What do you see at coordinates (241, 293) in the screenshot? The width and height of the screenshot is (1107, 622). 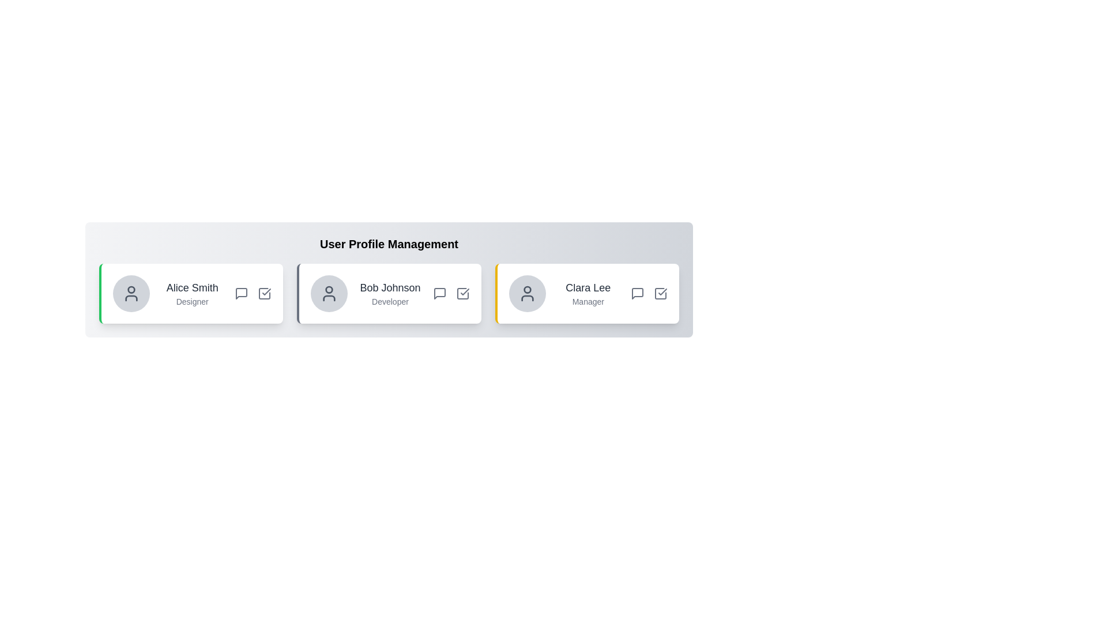 I see `the icon button resembling a speech bubble located to the right of the text 'Designer' in the card for 'Alice Smith Designer'` at bounding box center [241, 293].